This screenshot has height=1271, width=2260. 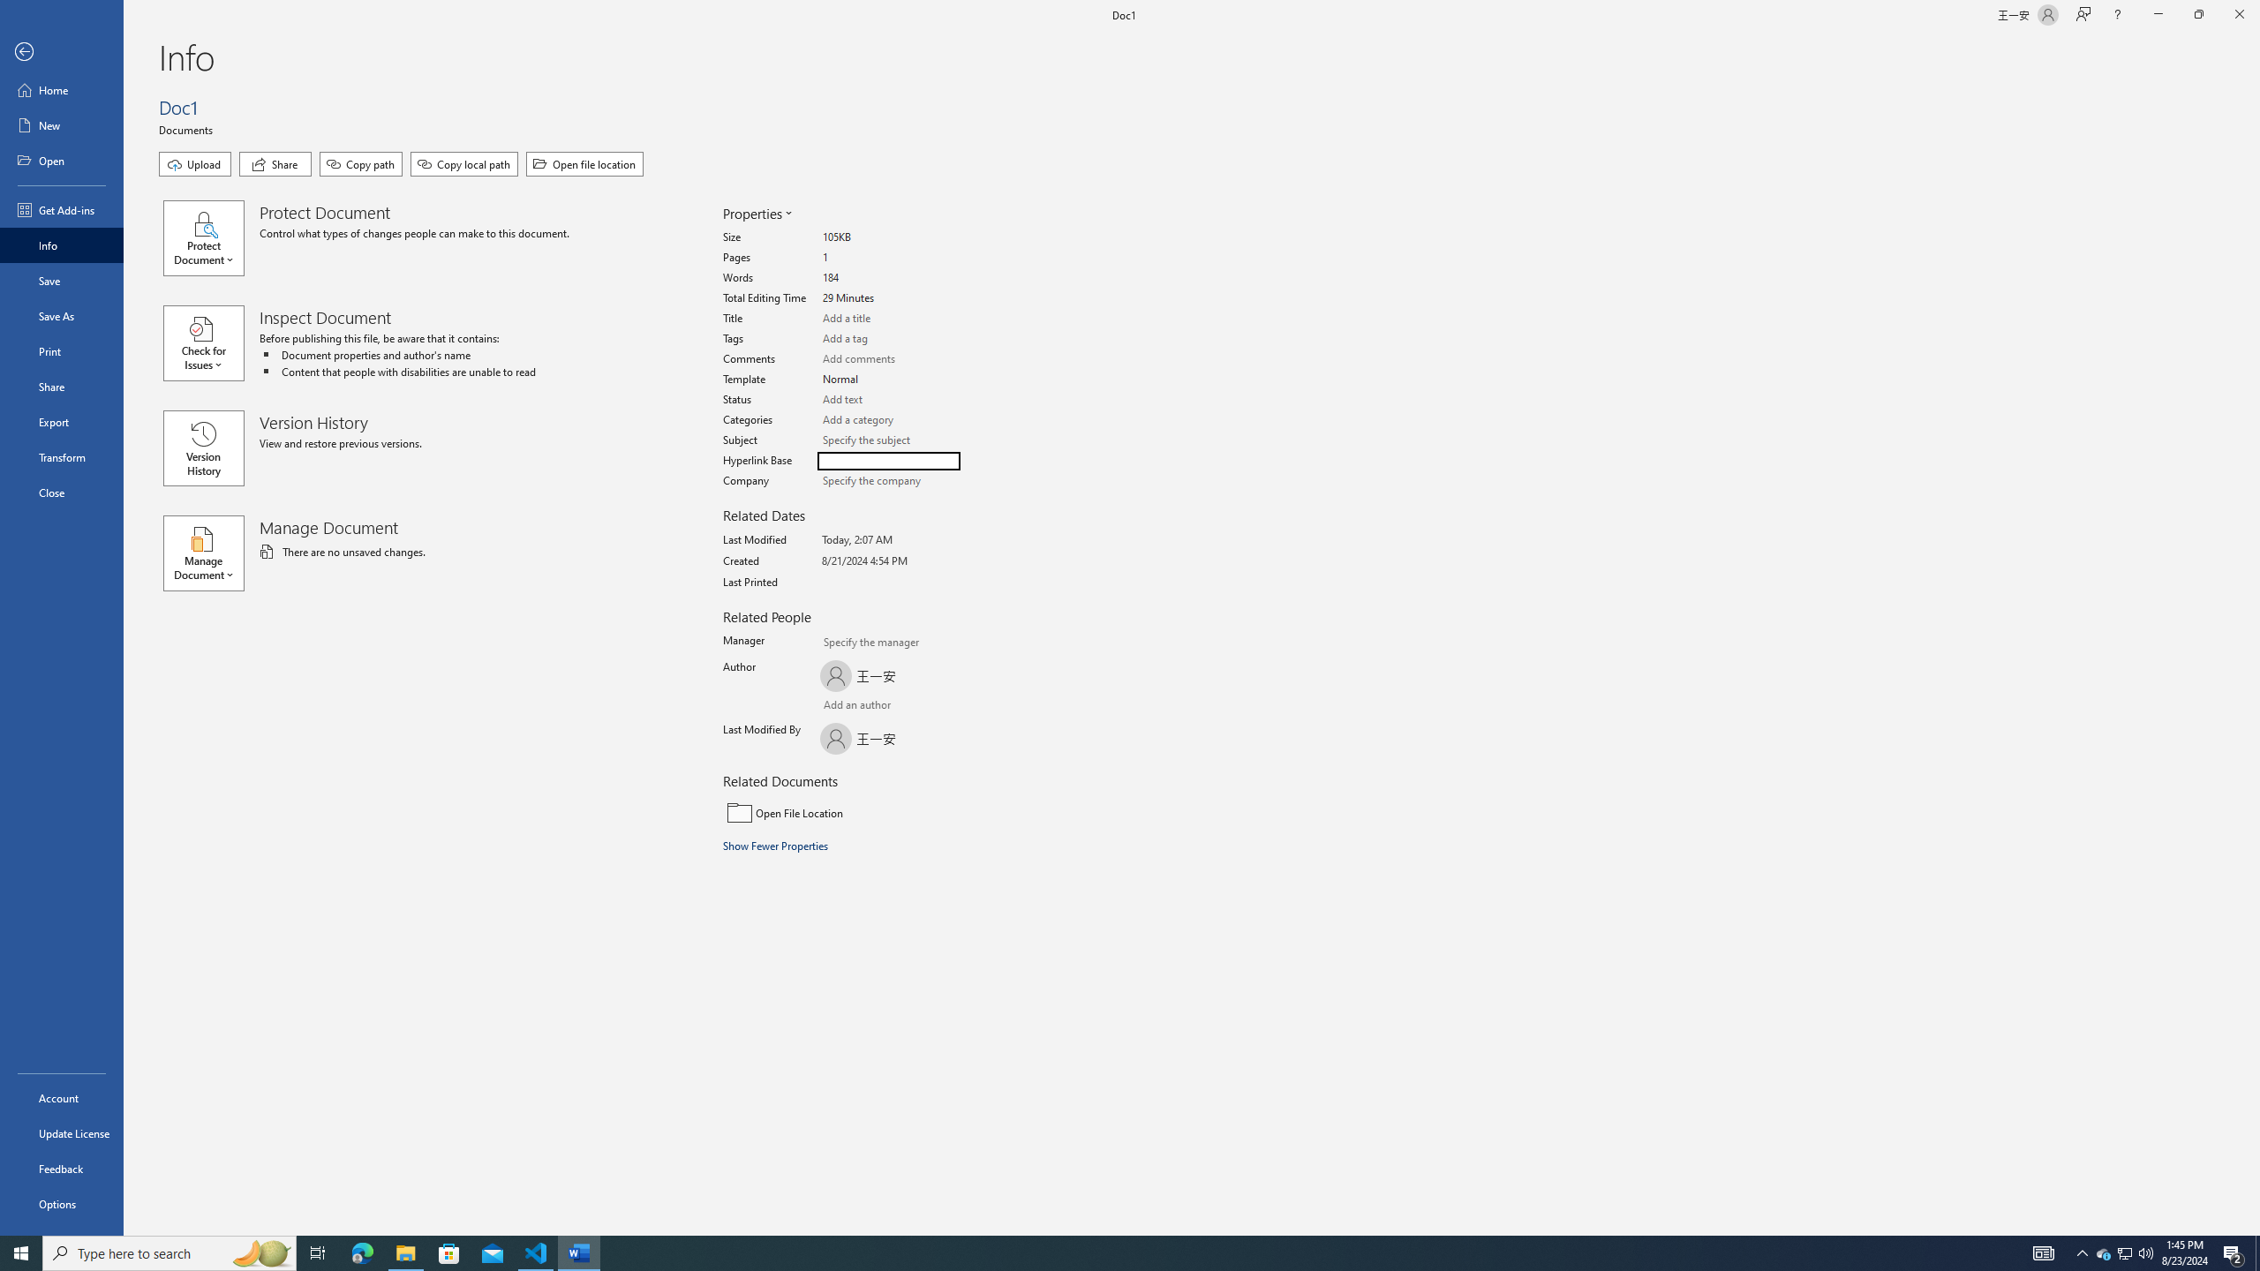 What do you see at coordinates (888, 237) in the screenshot?
I see `'Size'` at bounding box center [888, 237].